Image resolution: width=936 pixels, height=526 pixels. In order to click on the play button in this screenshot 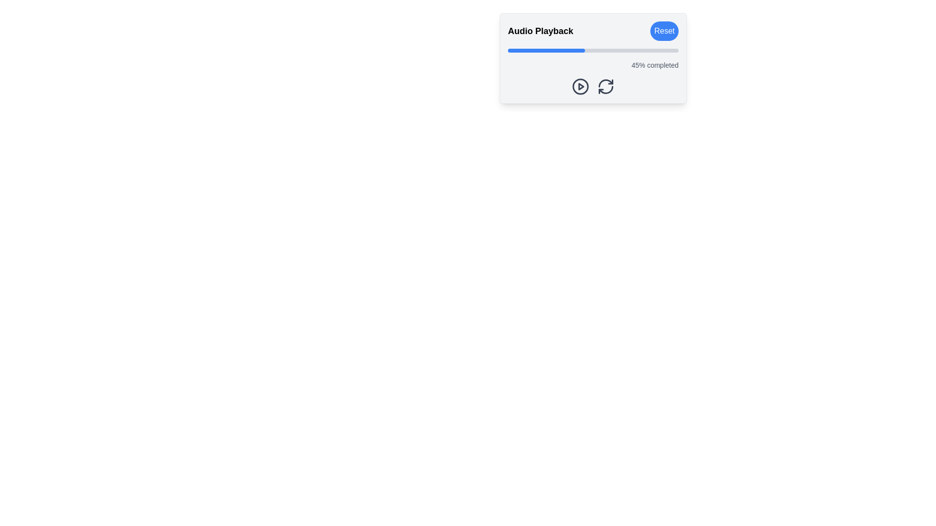, I will do `click(580, 86)`.